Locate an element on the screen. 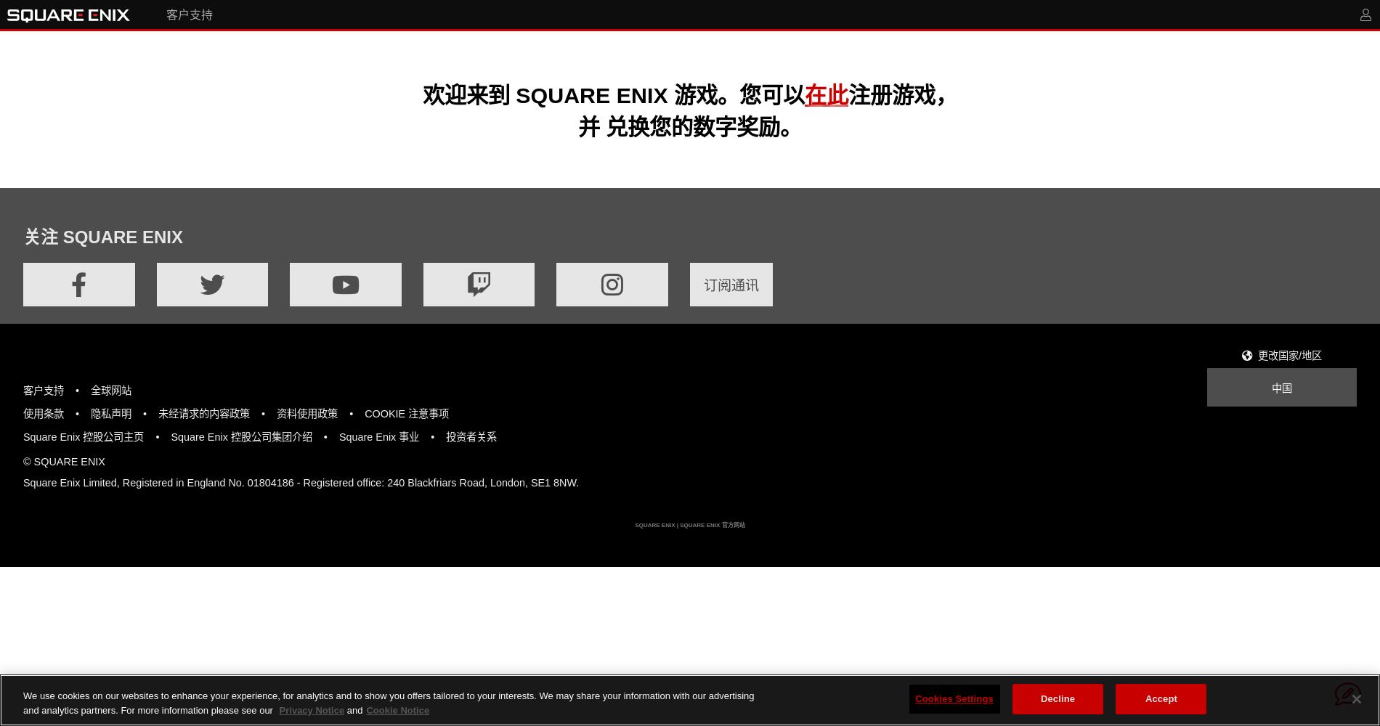  'Square Enix 事业' is located at coordinates (378, 436).